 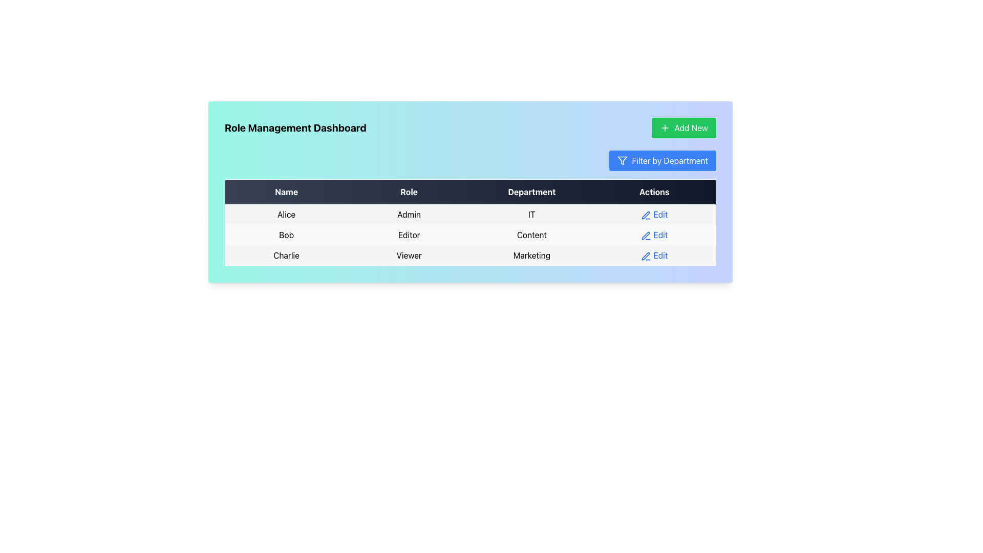 I want to click on the SVG icon representing the filtering feature located within the blue button labeled 'Filter by Department', so click(x=622, y=160).